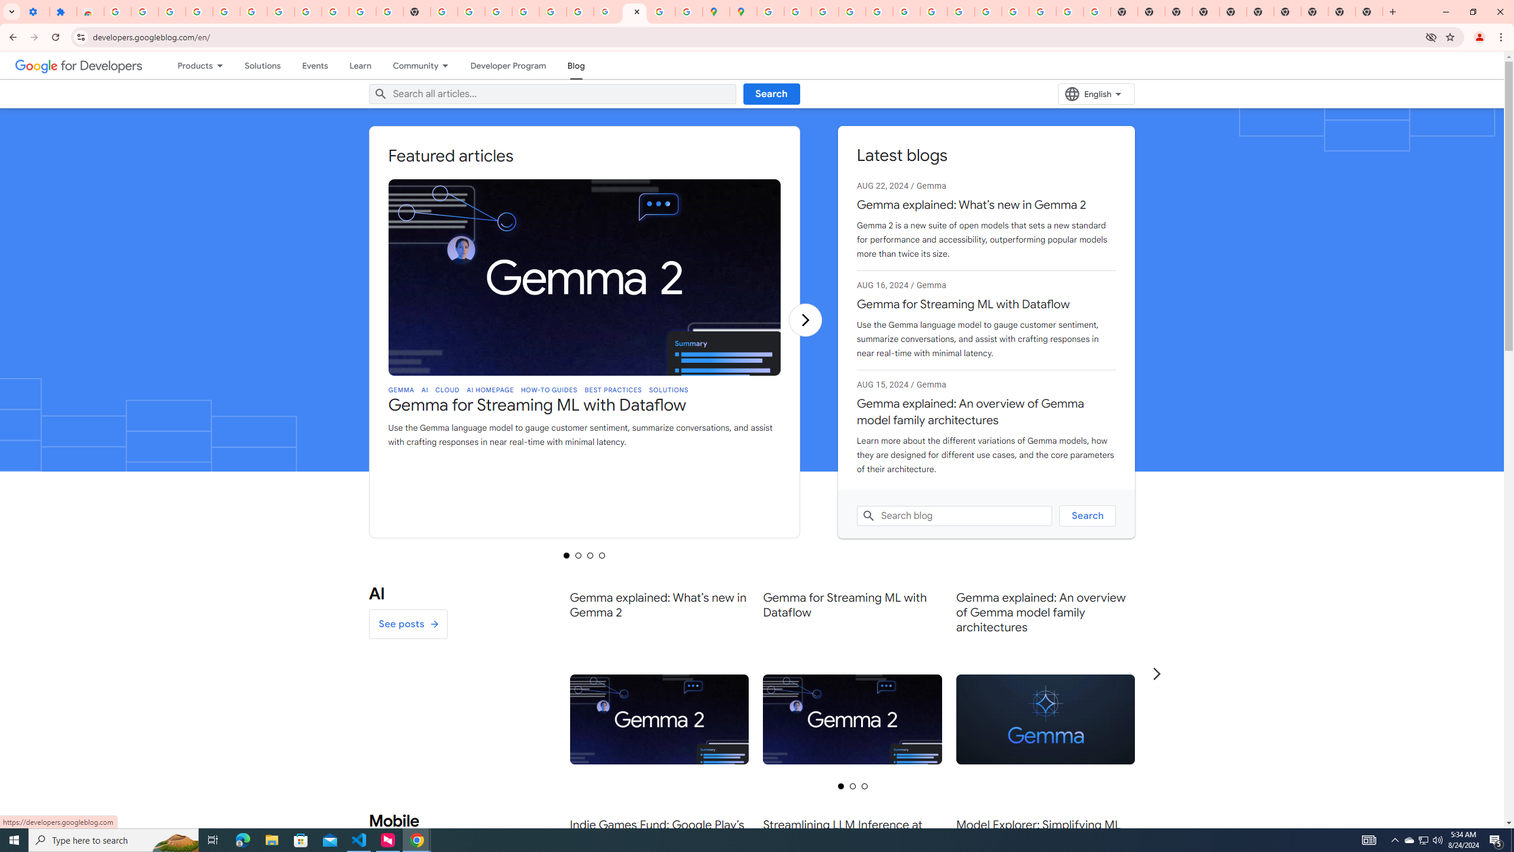  I want to click on 'English', so click(1096, 93).